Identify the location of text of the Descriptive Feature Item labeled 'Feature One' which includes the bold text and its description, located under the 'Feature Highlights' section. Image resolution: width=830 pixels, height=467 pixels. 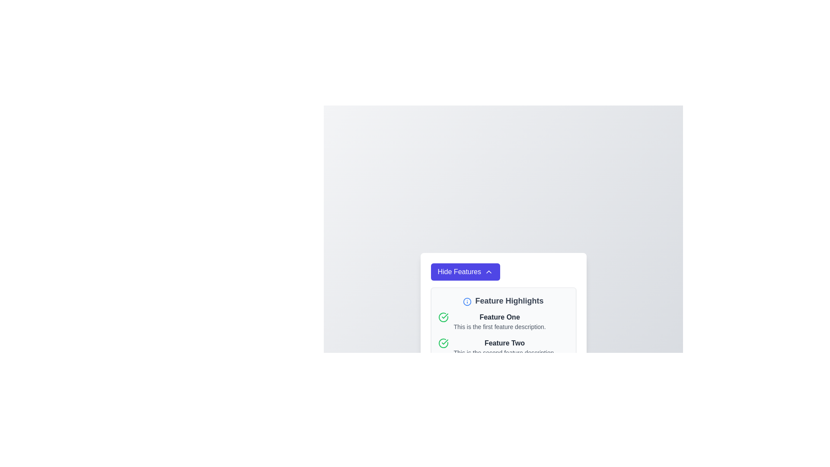
(503, 322).